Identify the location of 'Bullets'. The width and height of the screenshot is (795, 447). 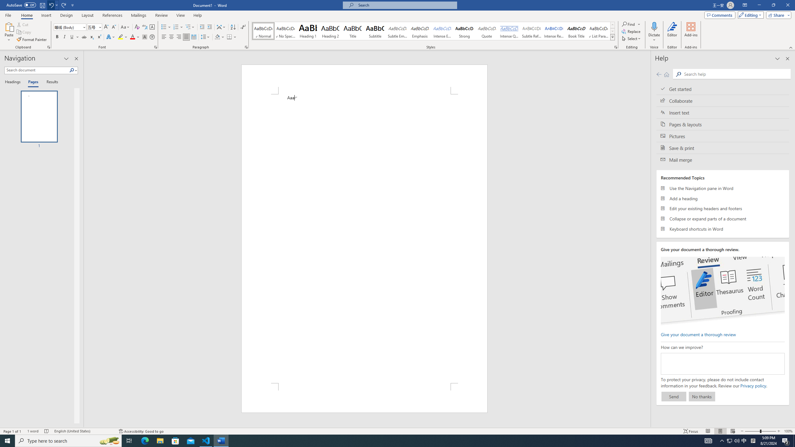
(166, 27).